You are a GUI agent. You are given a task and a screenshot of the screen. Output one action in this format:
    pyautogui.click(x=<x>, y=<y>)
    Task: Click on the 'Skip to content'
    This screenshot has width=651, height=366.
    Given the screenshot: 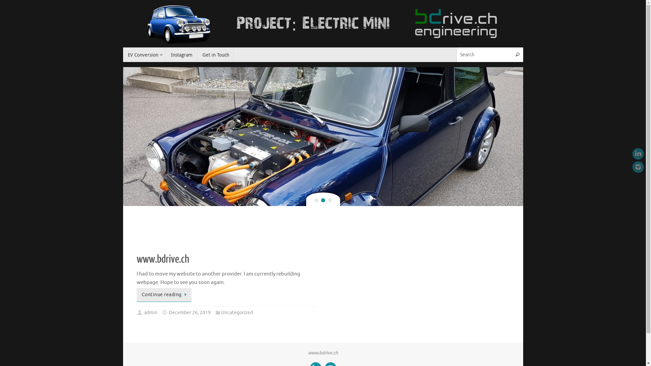 What is the action you would take?
    pyautogui.click(x=123, y=57)
    